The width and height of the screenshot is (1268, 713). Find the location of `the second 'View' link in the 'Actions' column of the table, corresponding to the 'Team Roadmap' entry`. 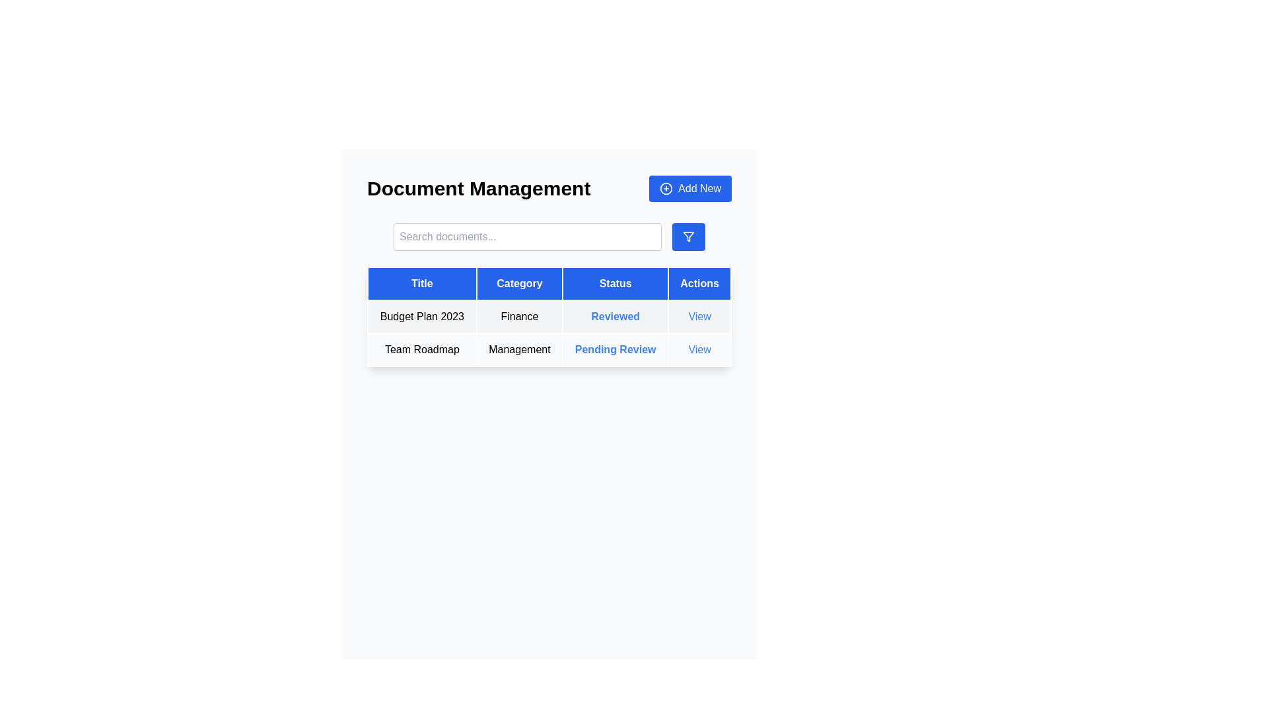

the second 'View' link in the 'Actions' column of the table, corresponding to the 'Team Roadmap' entry is located at coordinates (699, 349).